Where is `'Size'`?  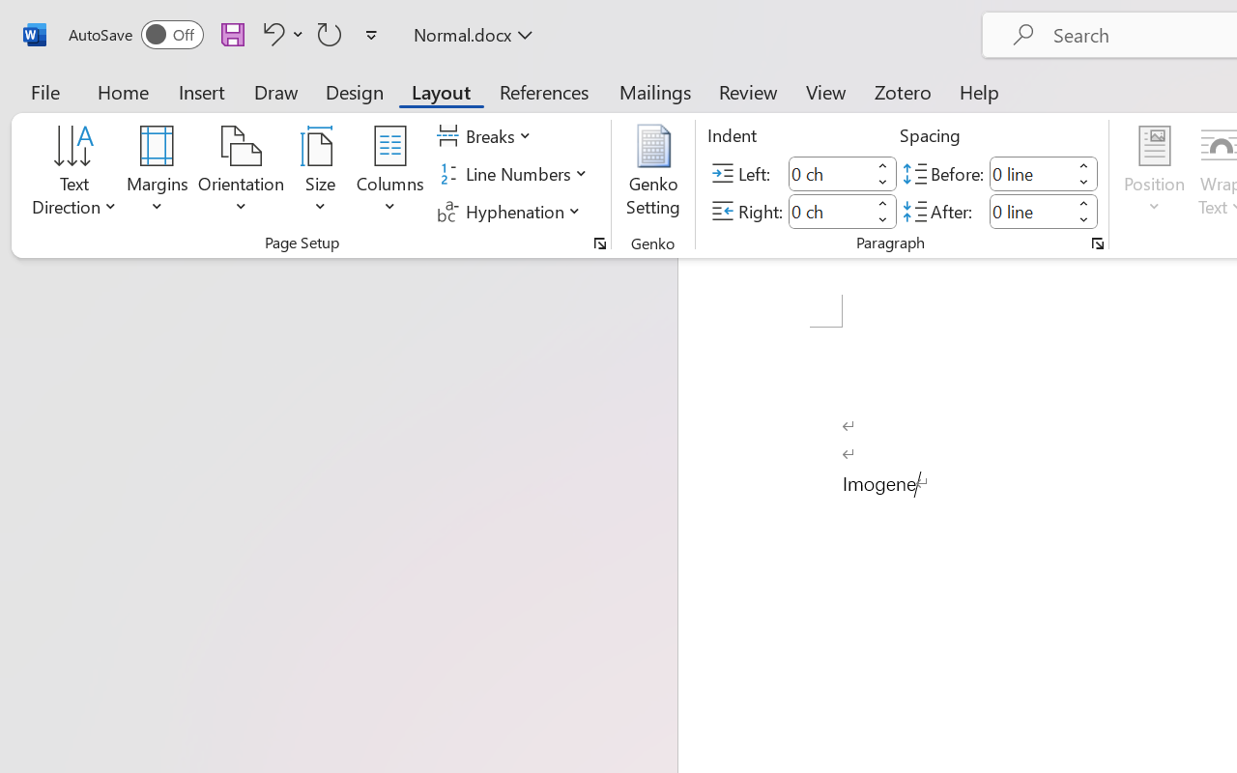 'Size' is located at coordinates (321, 173).